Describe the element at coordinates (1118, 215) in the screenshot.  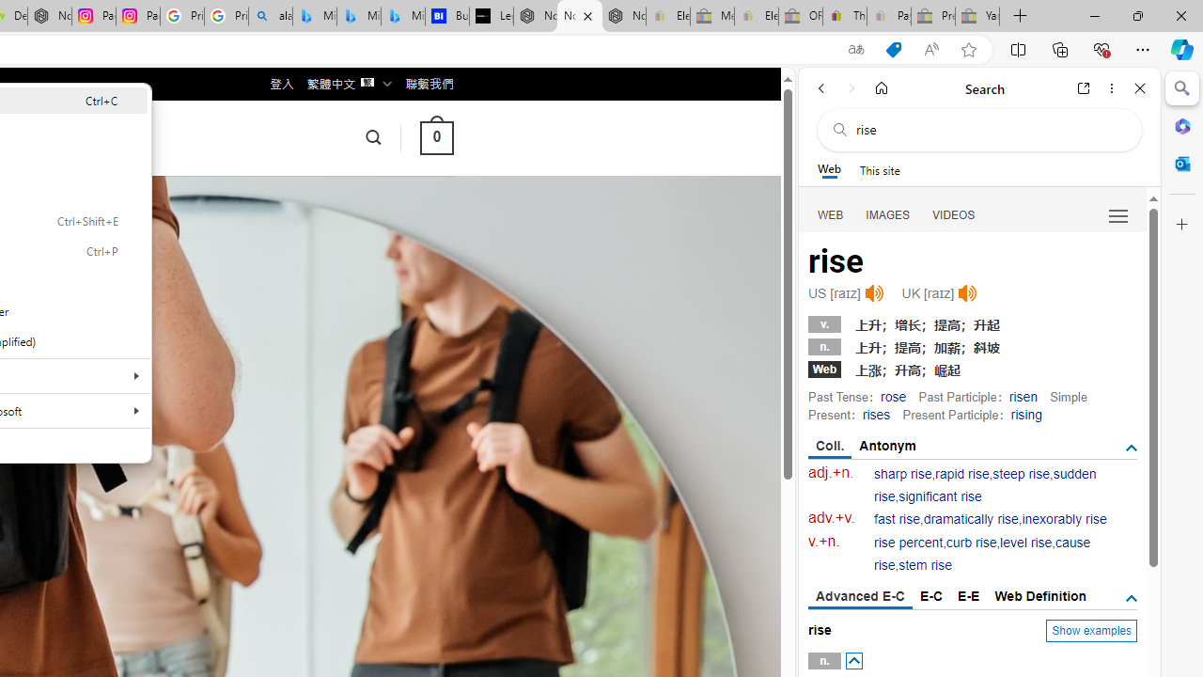
I see `'Class: b_serphb'` at that location.